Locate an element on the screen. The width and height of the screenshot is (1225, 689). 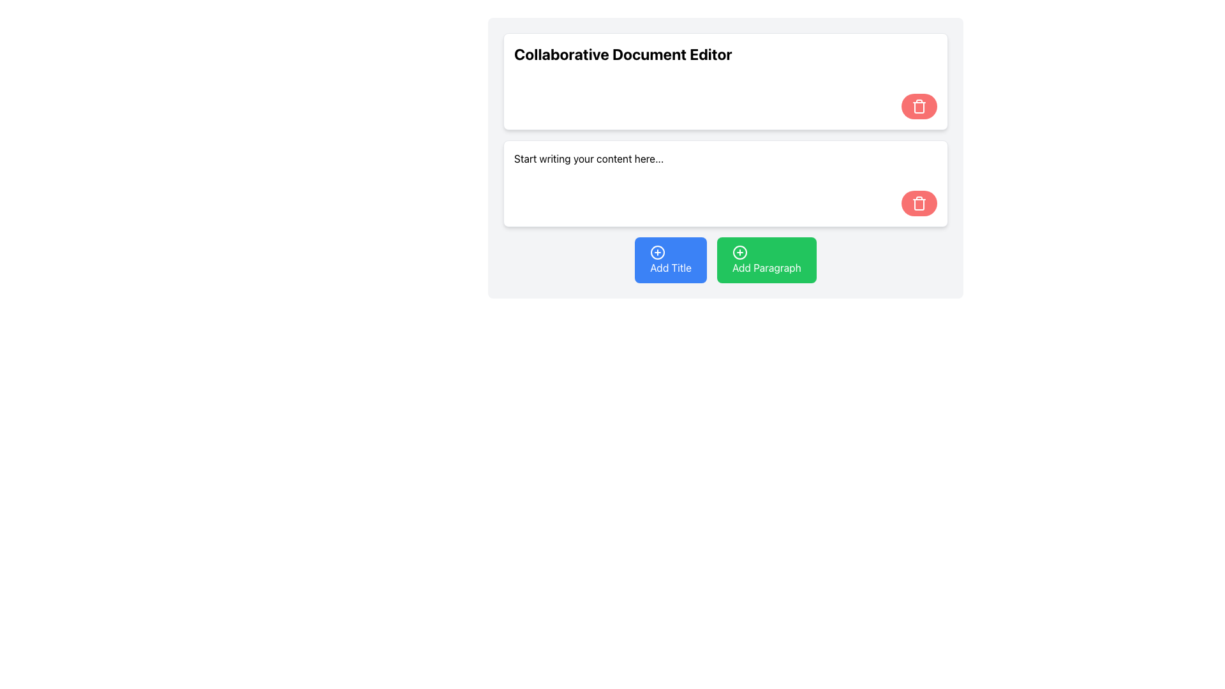
the delete button located in the bottom-right corner of the second editable content area is located at coordinates (919, 203).